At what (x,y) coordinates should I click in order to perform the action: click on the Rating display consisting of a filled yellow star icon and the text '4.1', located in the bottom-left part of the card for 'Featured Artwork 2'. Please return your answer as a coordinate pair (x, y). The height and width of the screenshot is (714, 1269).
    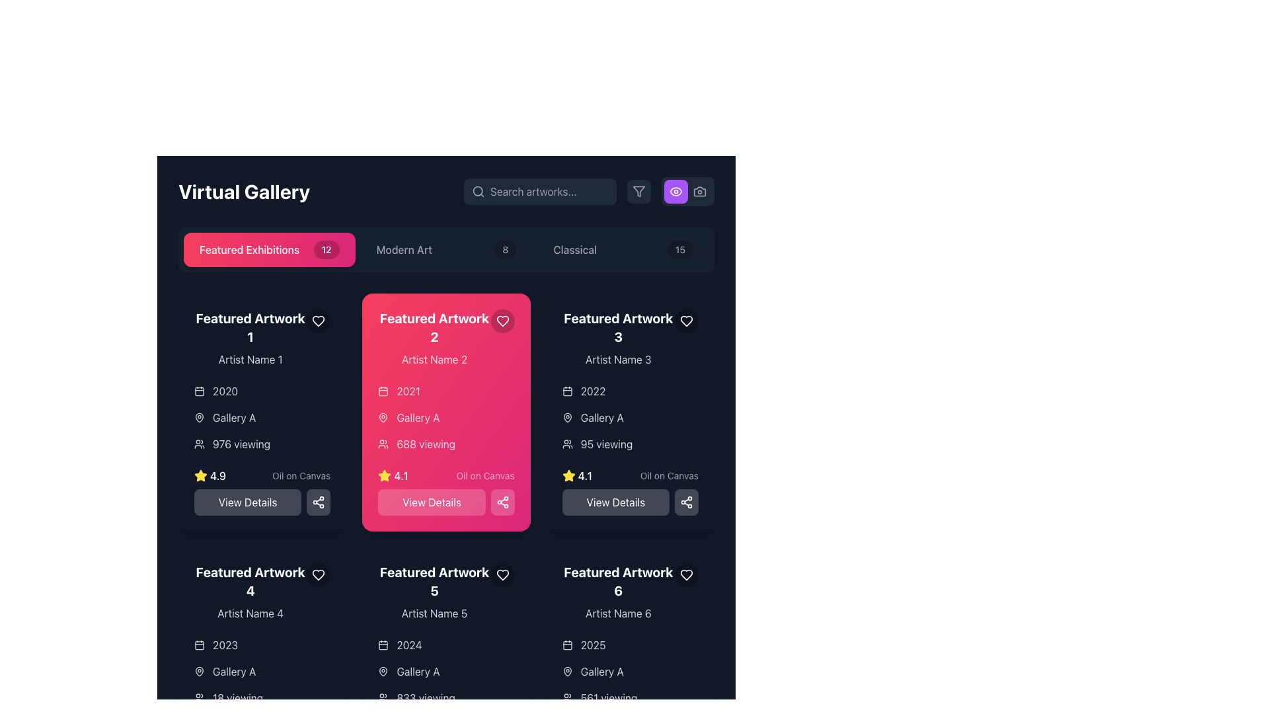
    Looking at the image, I should click on (393, 476).